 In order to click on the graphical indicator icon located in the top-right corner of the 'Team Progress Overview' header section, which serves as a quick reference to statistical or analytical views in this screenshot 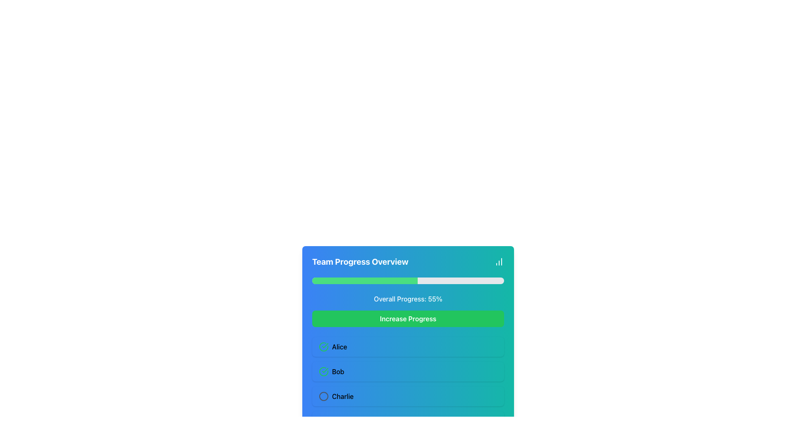, I will do `click(498, 261)`.